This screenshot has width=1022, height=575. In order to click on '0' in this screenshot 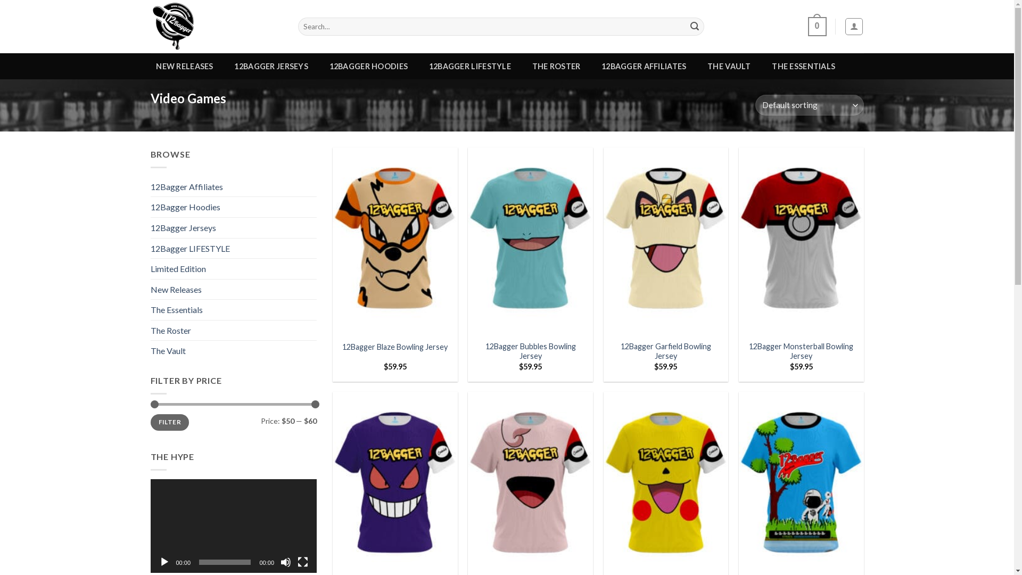, I will do `click(807, 26)`.